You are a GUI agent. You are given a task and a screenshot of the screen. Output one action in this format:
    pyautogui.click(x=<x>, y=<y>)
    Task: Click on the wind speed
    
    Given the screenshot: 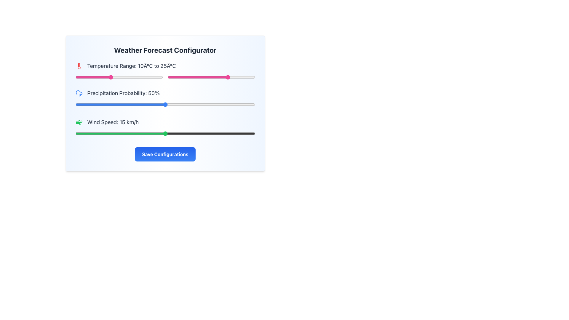 What is the action you would take?
    pyautogui.click(x=105, y=134)
    